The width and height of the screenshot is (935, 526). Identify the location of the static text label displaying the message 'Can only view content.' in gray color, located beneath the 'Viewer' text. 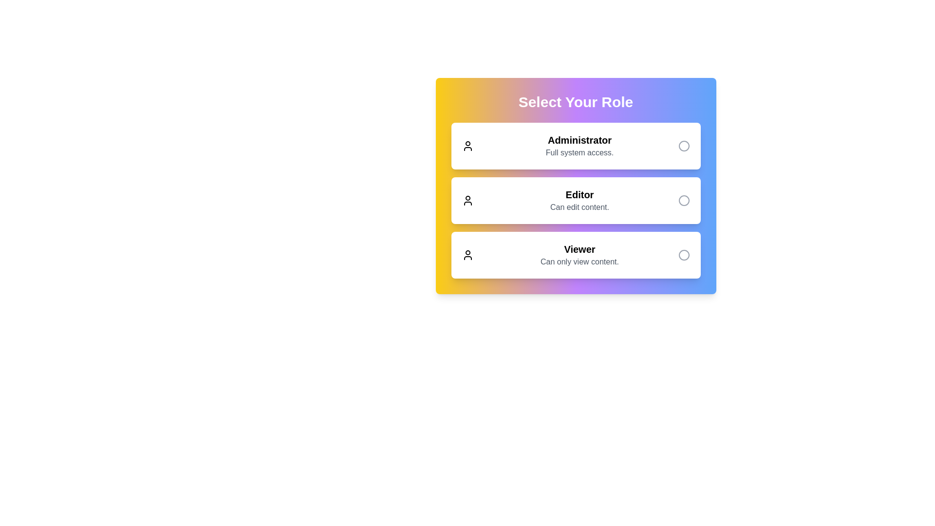
(580, 261).